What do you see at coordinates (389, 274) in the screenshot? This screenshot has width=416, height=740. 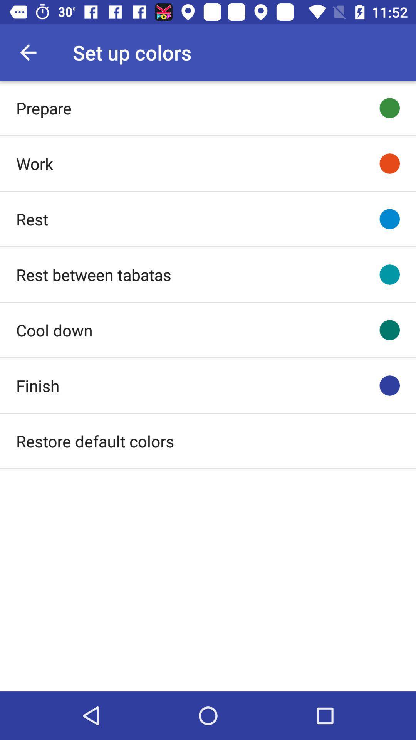 I see `the fourth circle from the top right of the page` at bounding box center [389, 274].